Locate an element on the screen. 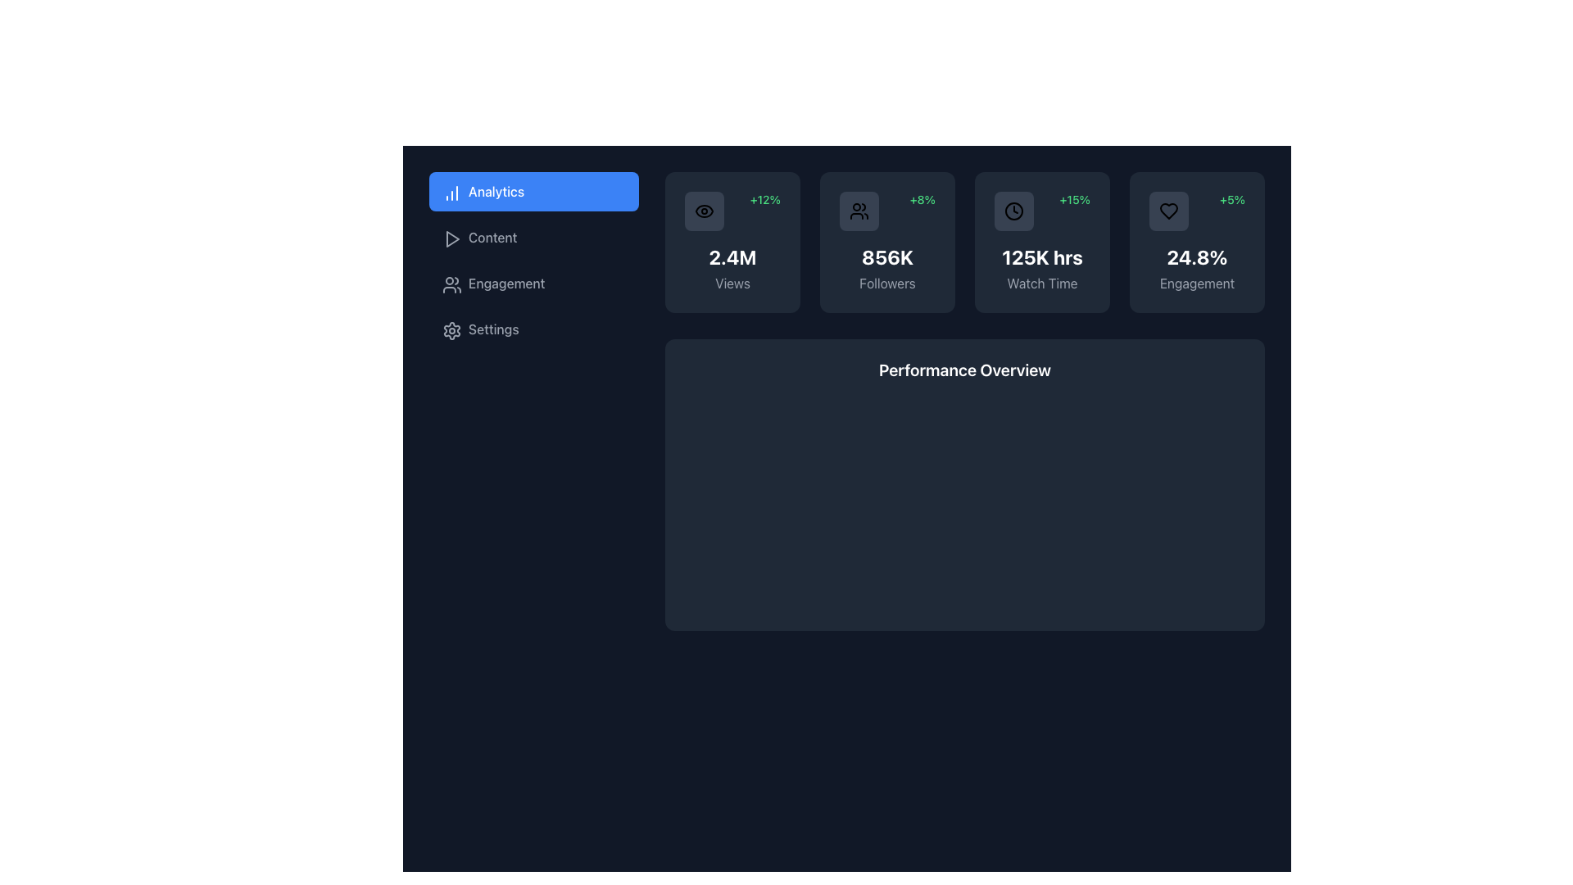  the eye icon represented by a graphical eye structure located in the top section of the user interface is located at coordinates (704, 211).